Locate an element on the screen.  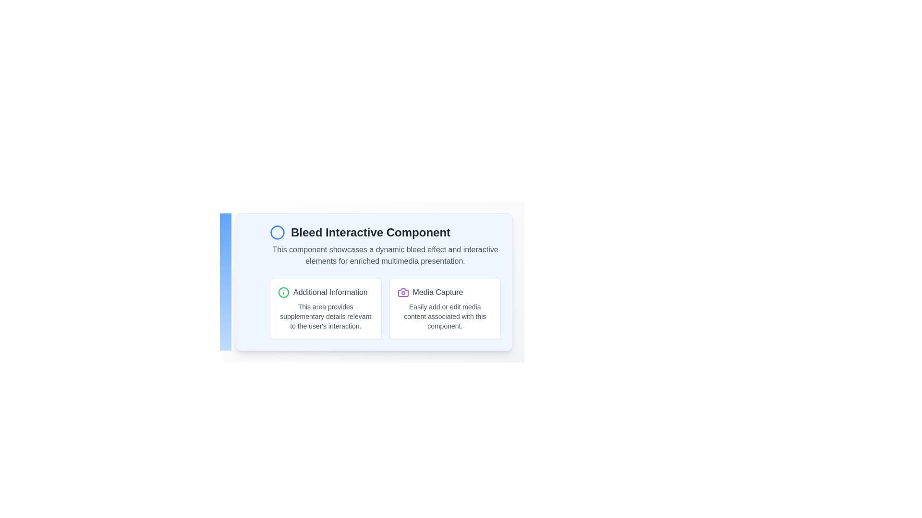
text description located beneath the title 'Bleed Interactive Component' in gray color and smaller font size is located at coordinates (385, 255).